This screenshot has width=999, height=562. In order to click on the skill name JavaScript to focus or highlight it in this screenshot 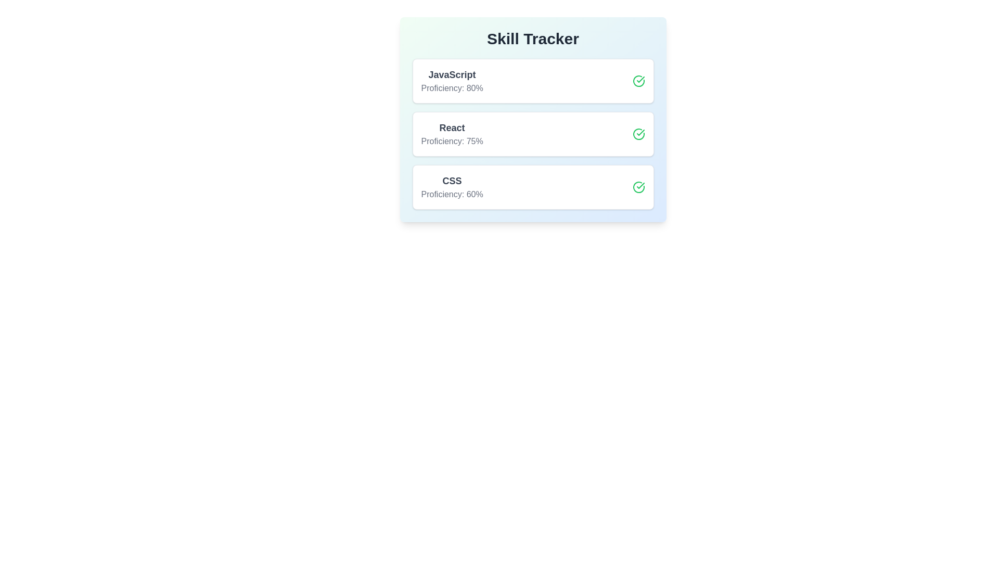, I will do `click(452, 74)`.